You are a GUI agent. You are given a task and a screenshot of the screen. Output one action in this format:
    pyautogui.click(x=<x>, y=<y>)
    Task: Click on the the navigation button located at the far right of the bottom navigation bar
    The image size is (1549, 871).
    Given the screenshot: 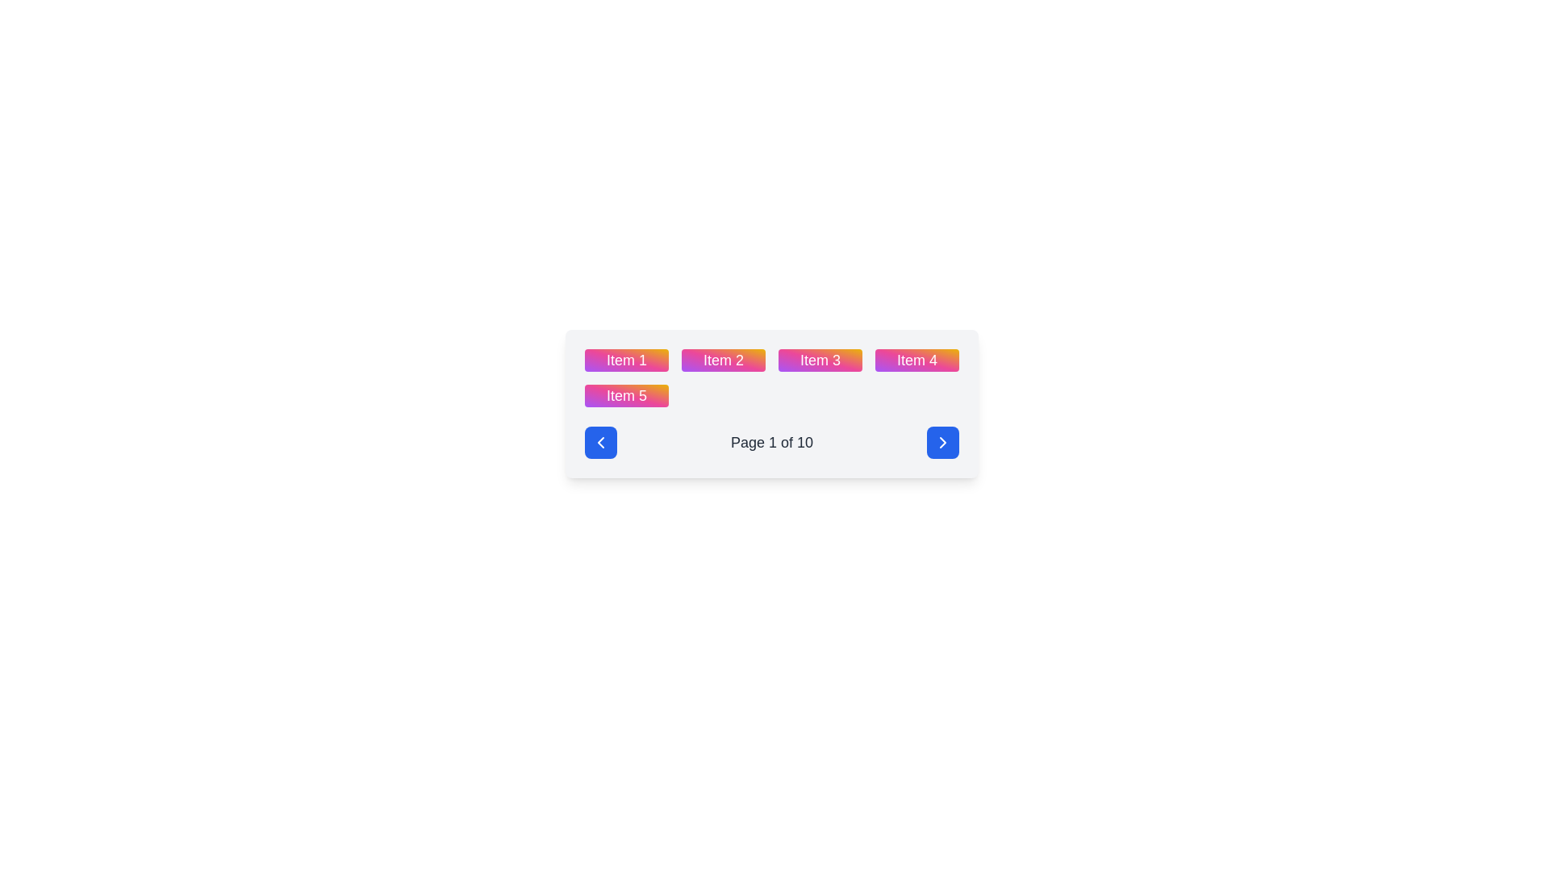 What is the action you would take?
    pyautogui.click(x=942, y=442)
    